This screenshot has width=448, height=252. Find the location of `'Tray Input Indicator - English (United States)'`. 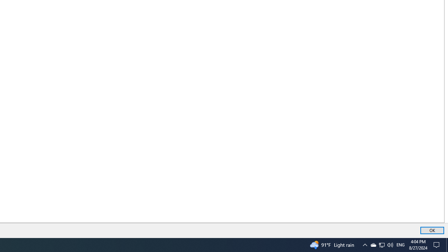

'Tray Input Indicator - English (United States)' is located at coordinates (400, 244).